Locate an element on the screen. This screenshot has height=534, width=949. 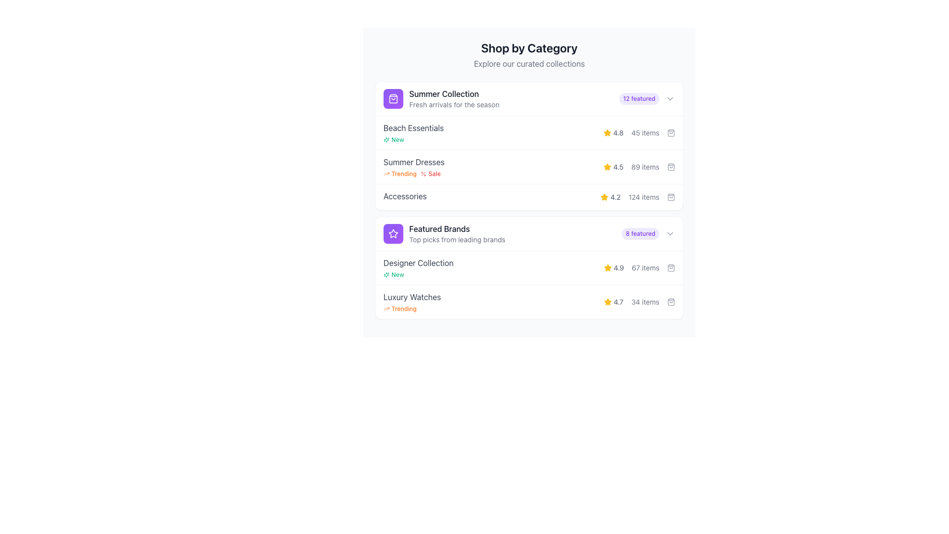
text of the label with icon indicating a sale, located under the 'Summer Dresses' category in the 'Shop by Category' section, positioned to the right of 'Trending' is located at coordinates (431, 173).